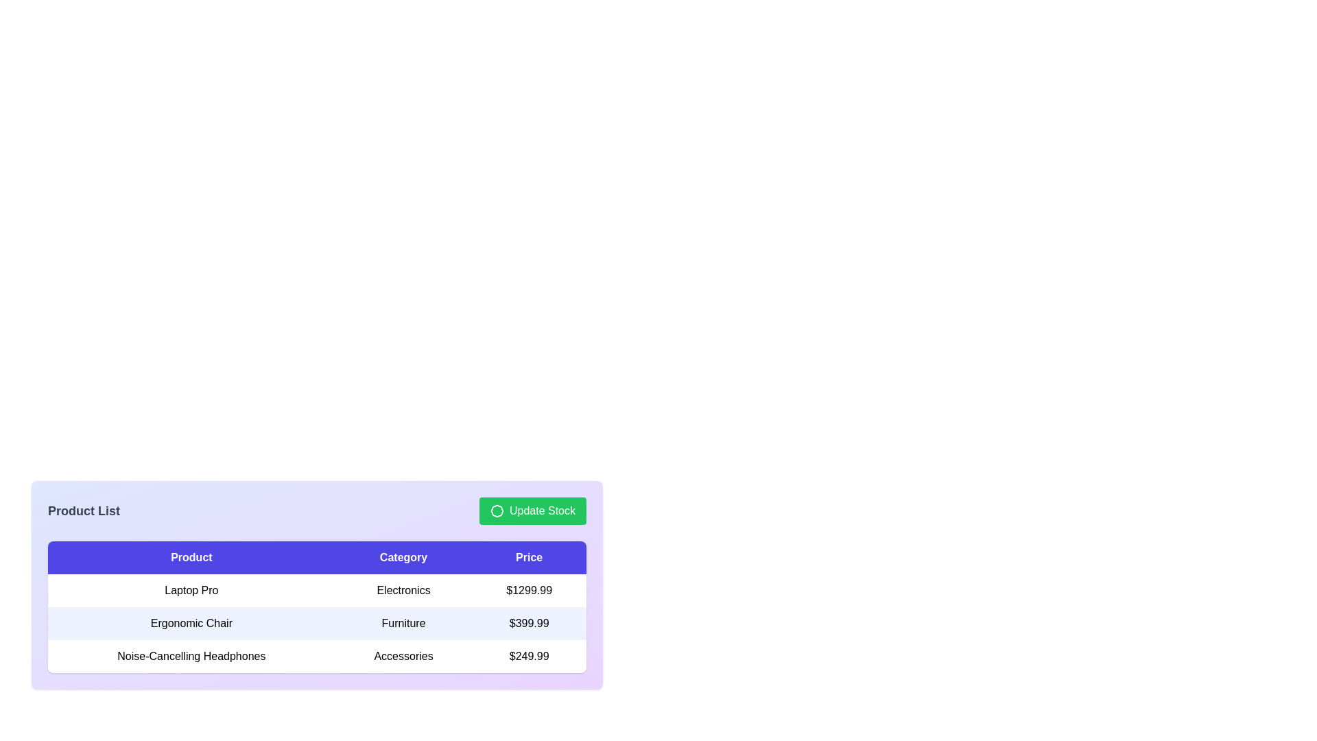 This screenshot has width=1317, height=741. What do you see at coordinates (403, 624) in the screenshot?
I see `the 'Furniture' text label located in the 'Category' column of the table, which is centered in its cell and styled with a clean font` at bounding box center [403, 624].